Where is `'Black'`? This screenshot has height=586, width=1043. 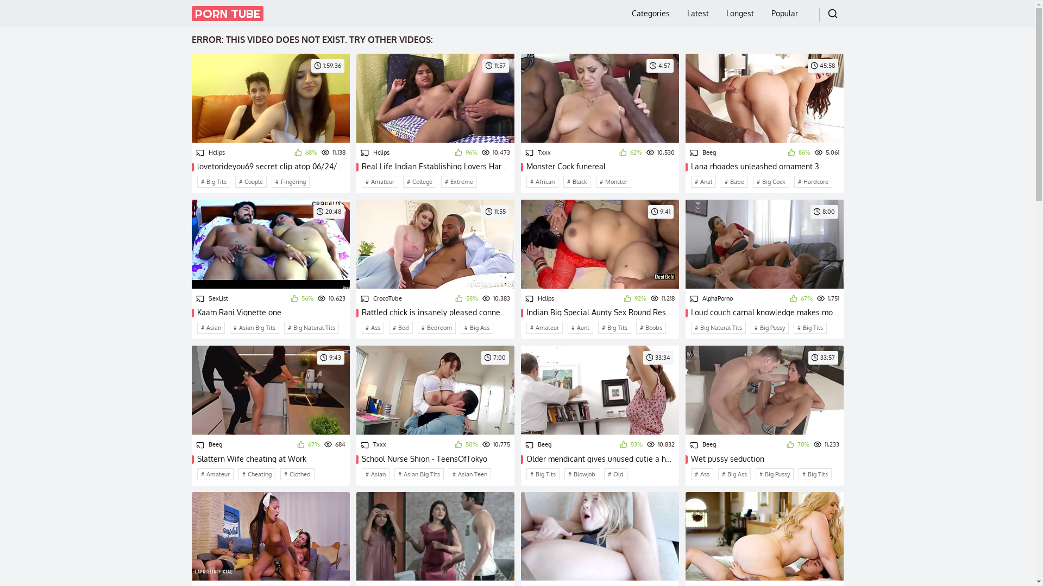
'Black' is located at coordinates (576, 181).